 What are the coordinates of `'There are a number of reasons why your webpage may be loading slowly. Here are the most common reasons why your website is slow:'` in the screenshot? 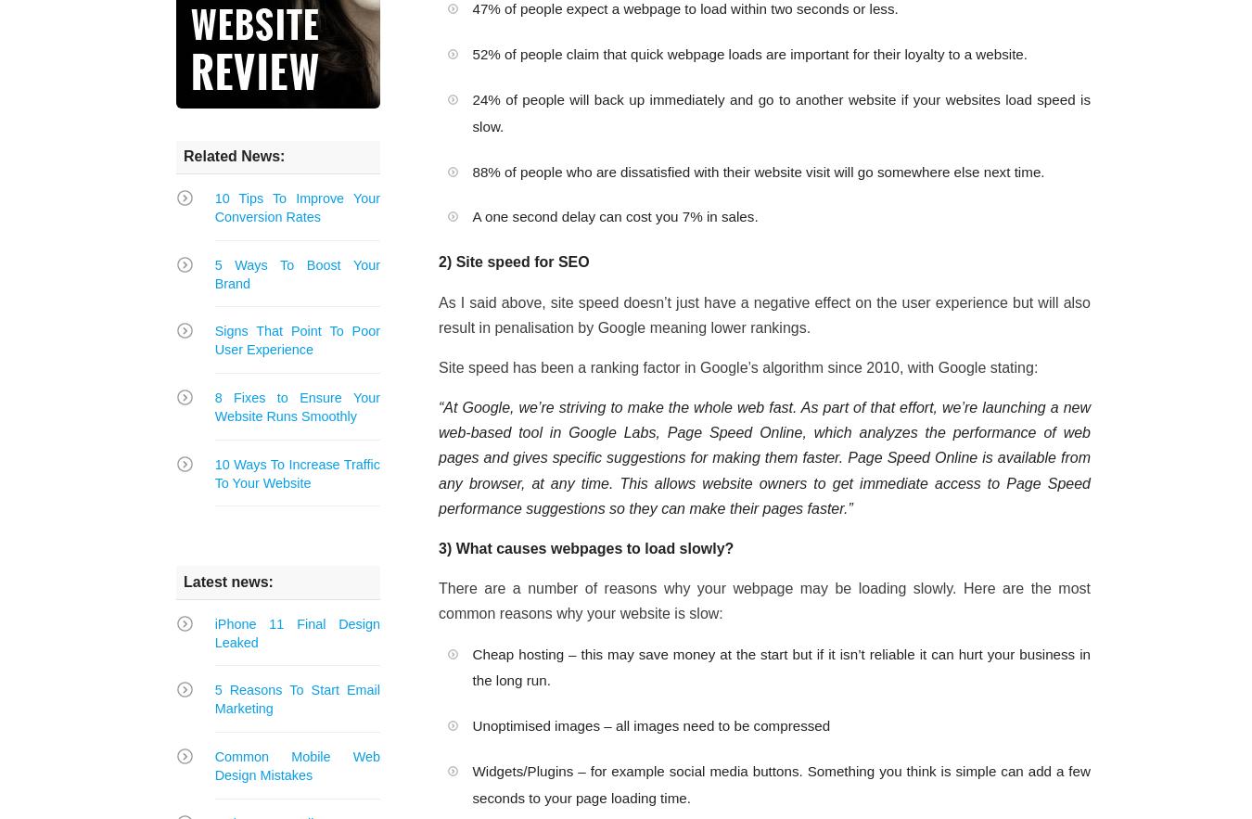 It's located at (764, 600).